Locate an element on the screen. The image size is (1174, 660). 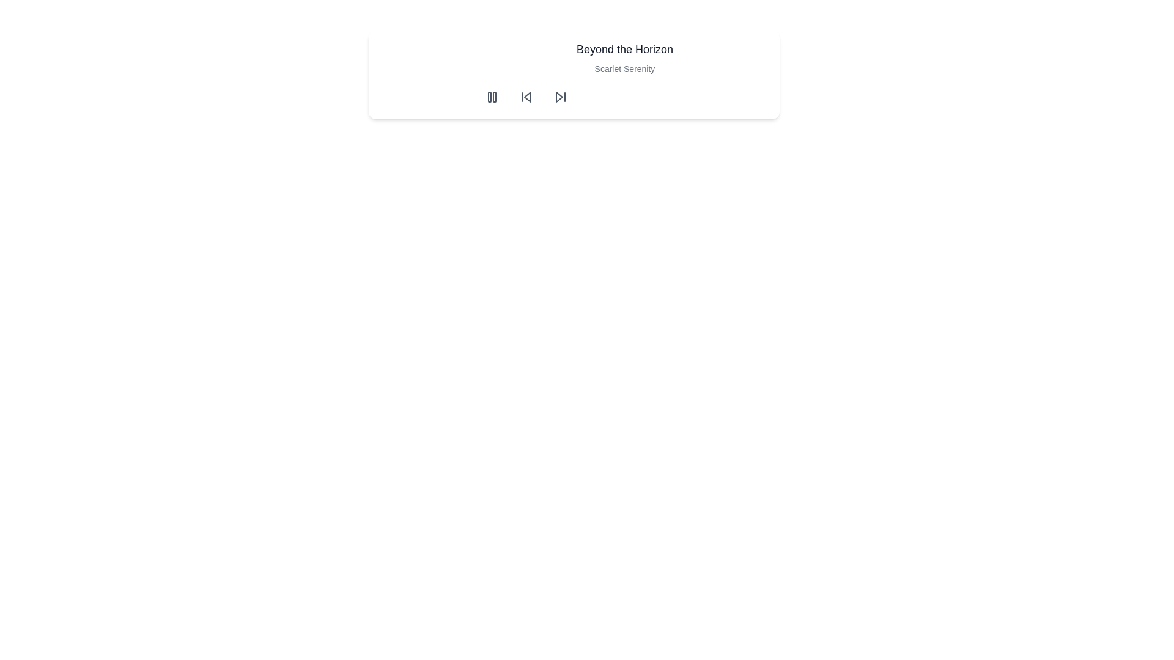
the skip-forward icon located in the toolbar area to move to the next item is located at coordinates (558, 96).